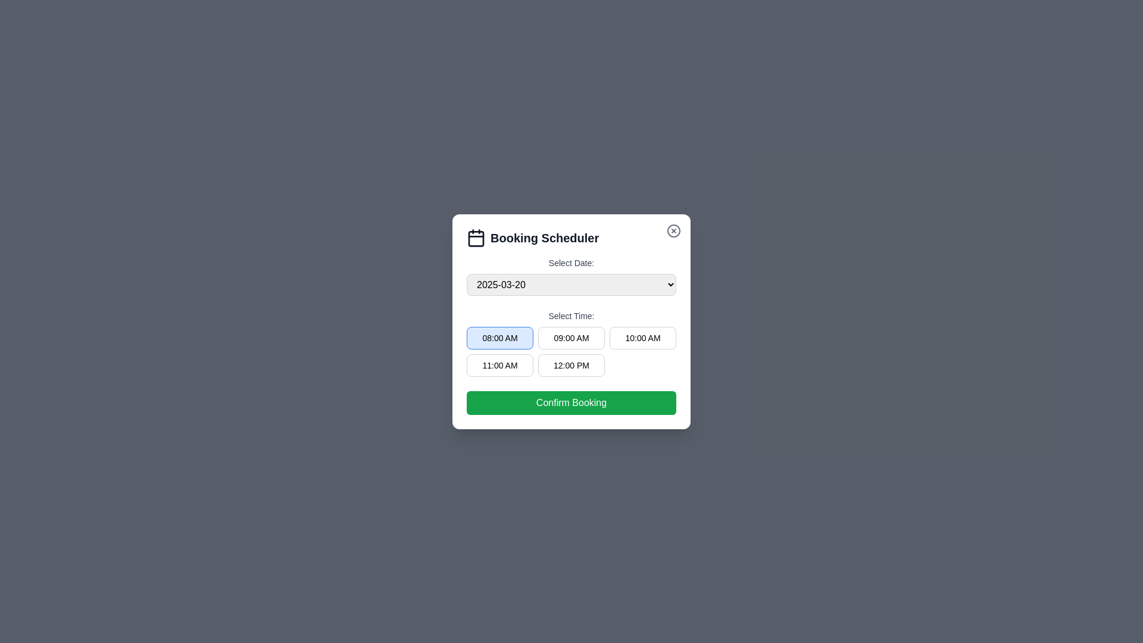  What do you see at coordinates (571, 343) in the screenshot?
I see `the time button in the 'Select Time:' grid` at bounding box center [571, 343].